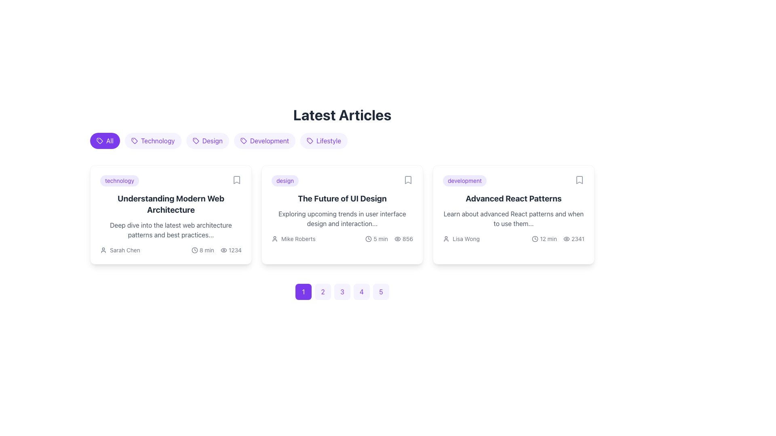  What do you see at coordinates (264, 140) in the screenshot?
I see `the fourth chip or tag component labeled 'Development'` at bounding box center [264, 140].